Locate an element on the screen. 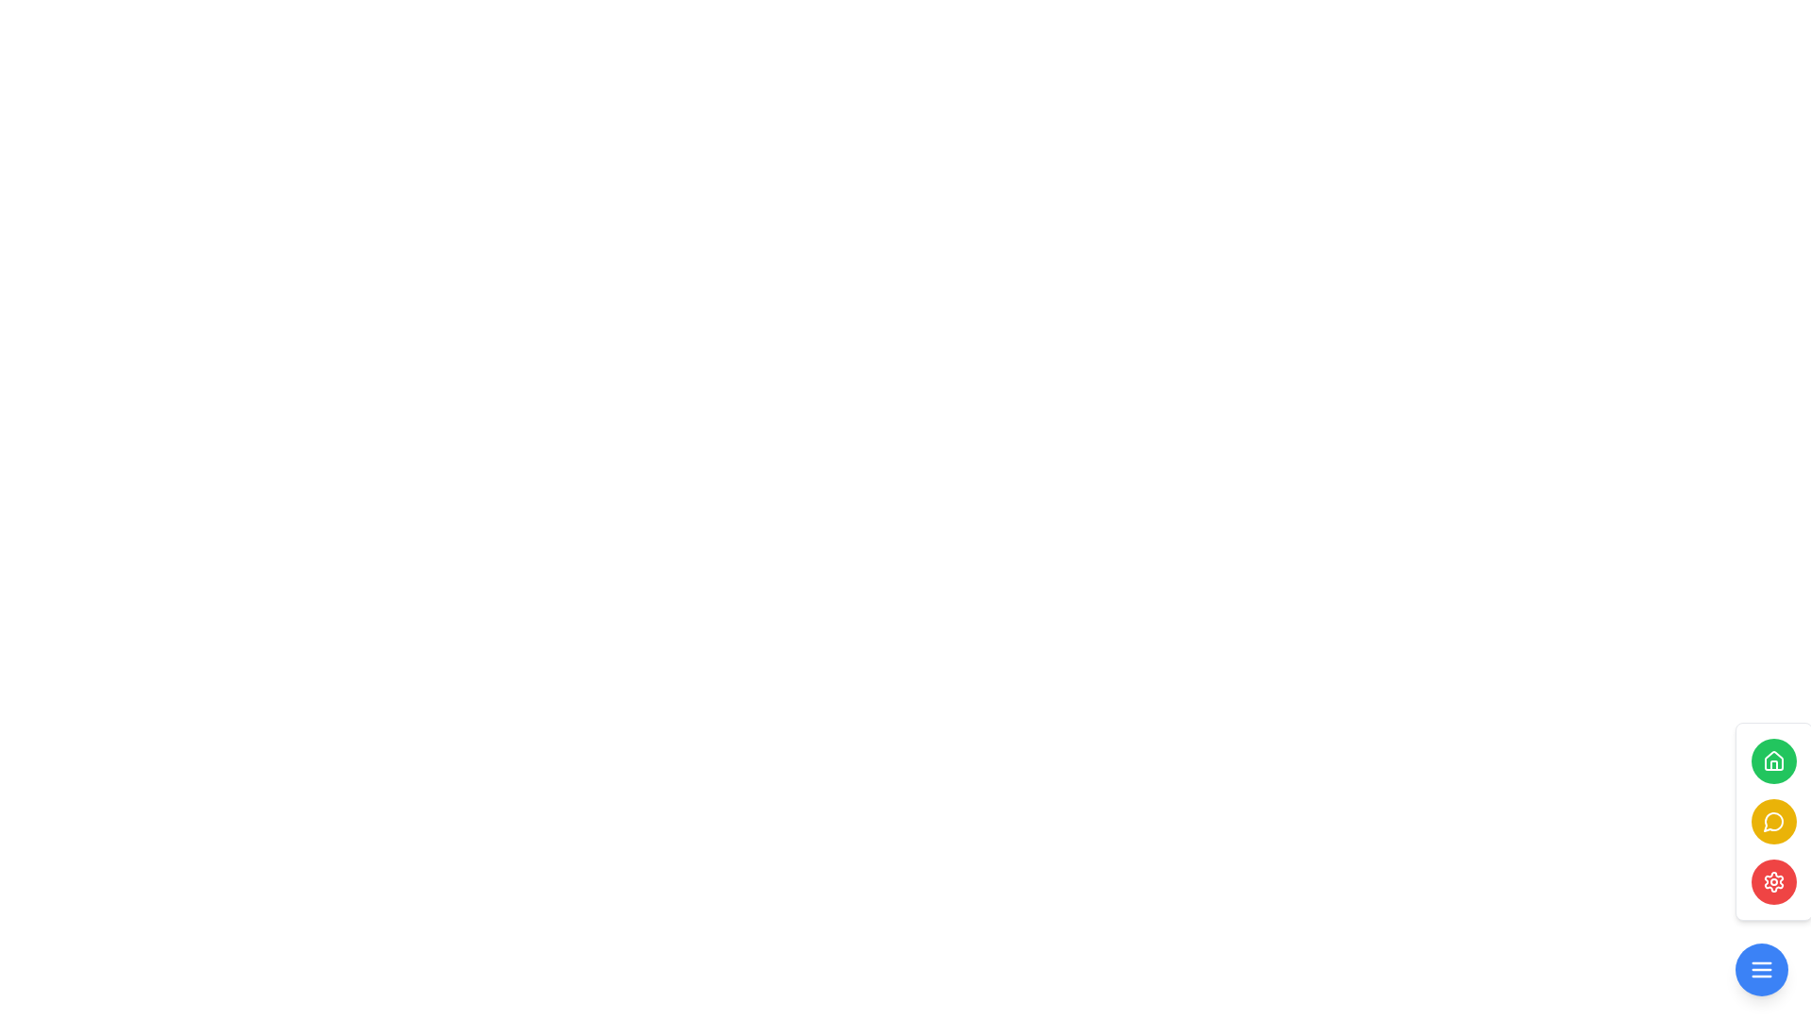 The height and width of the screenshot is (1019, 1811). the messaging icon within the yellow circular button located at the bottom-right corner of the interface is located at coordinates (1773, 821).